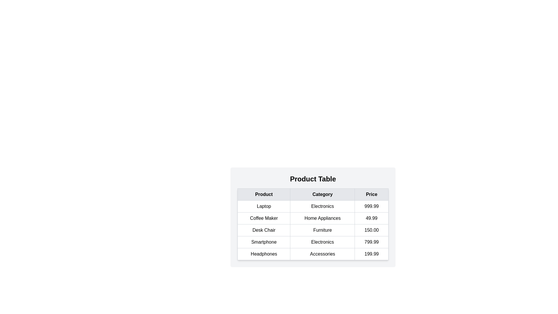  Describe the element at coordinates (322, 254) in the screenshot. I see `the 'Accessories' text label, which is the second item in the row containing 'Headphones', 'Accessories', and '199.99'` at that location.